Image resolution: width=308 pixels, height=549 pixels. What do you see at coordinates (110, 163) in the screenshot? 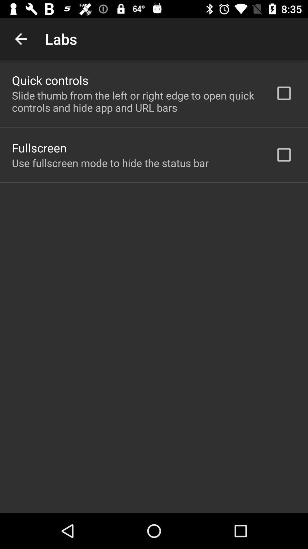
I see `the app below the fullscreen` at bounding box center [110, 163].